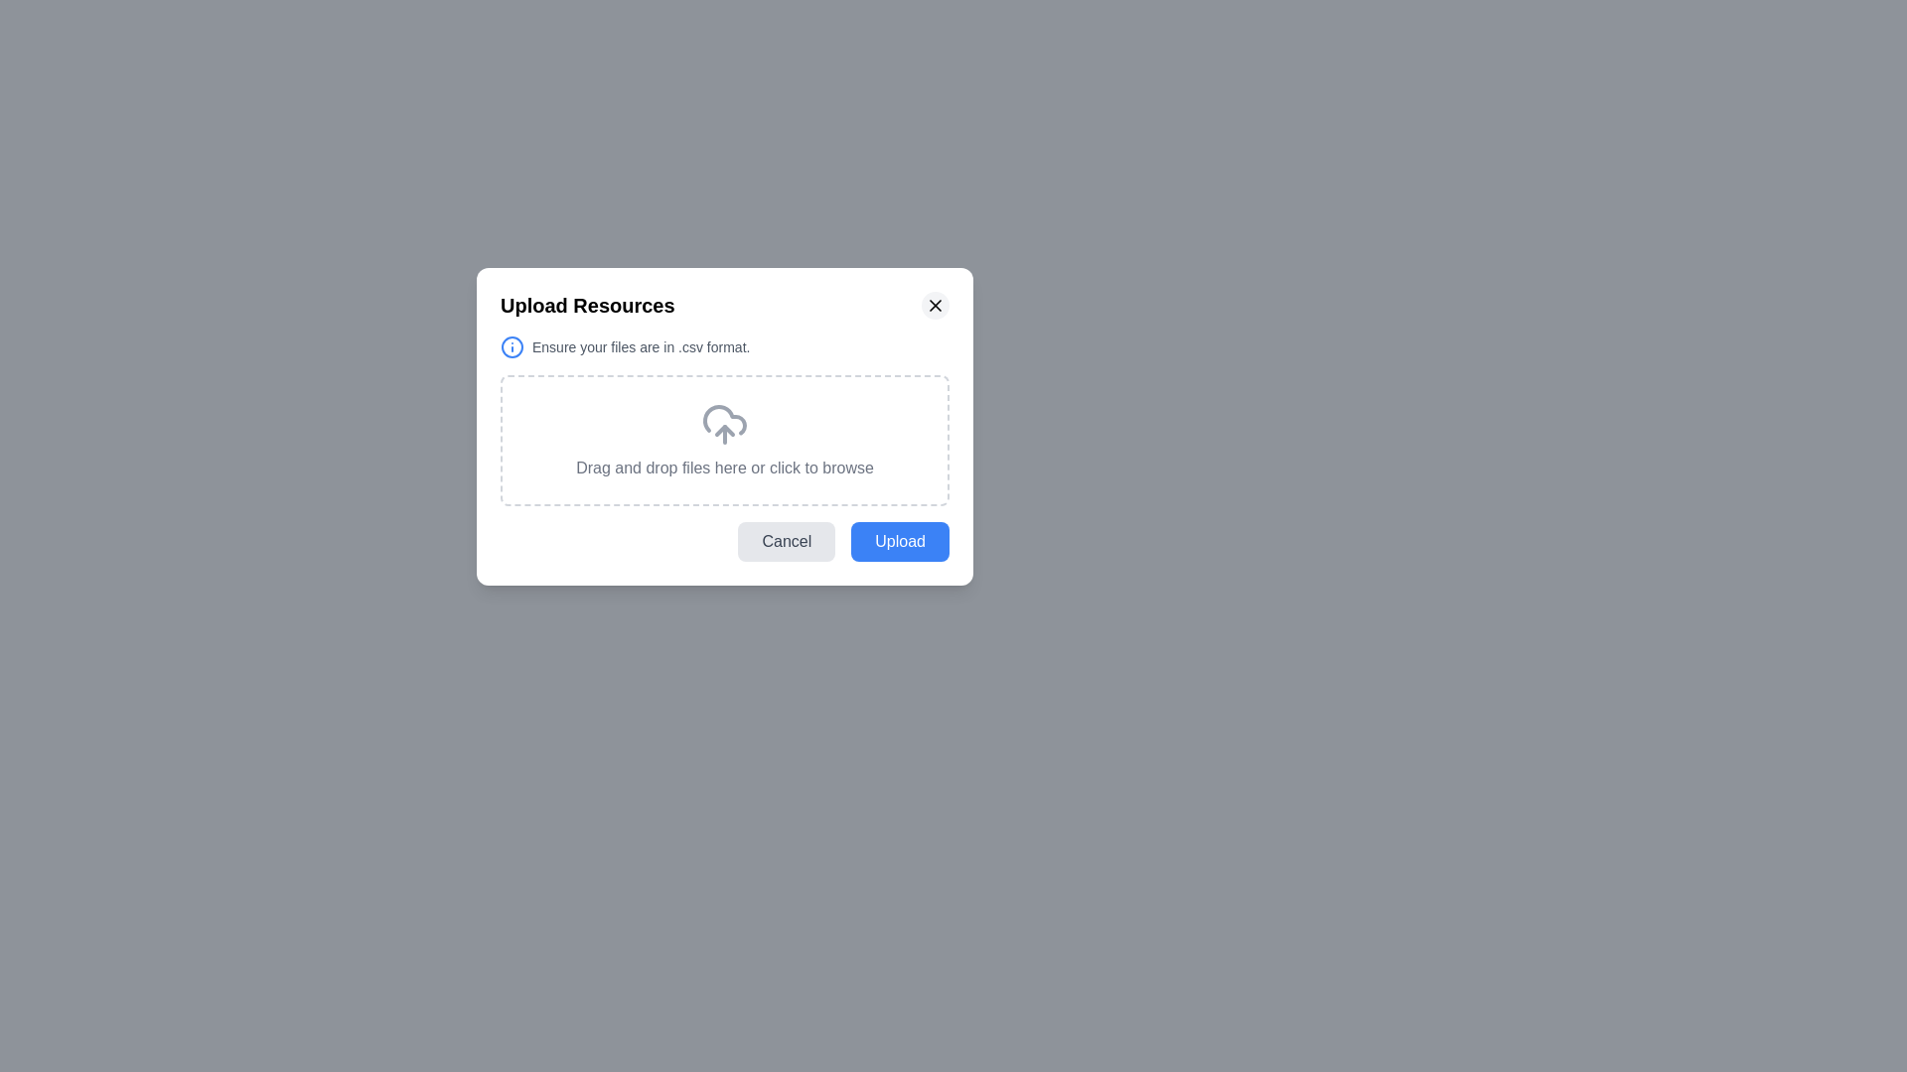  I want to click on the outlined area of the modal dialog box to browse for .csv files, so click(723, 425).